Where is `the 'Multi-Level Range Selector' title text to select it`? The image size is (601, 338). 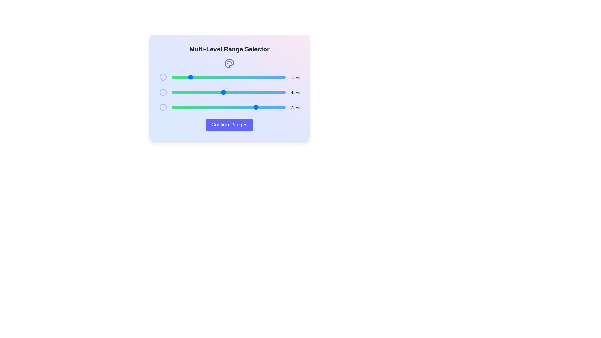
the 'Multi-Level Range Selector' title text to select it is located at coordinates (229, 49).